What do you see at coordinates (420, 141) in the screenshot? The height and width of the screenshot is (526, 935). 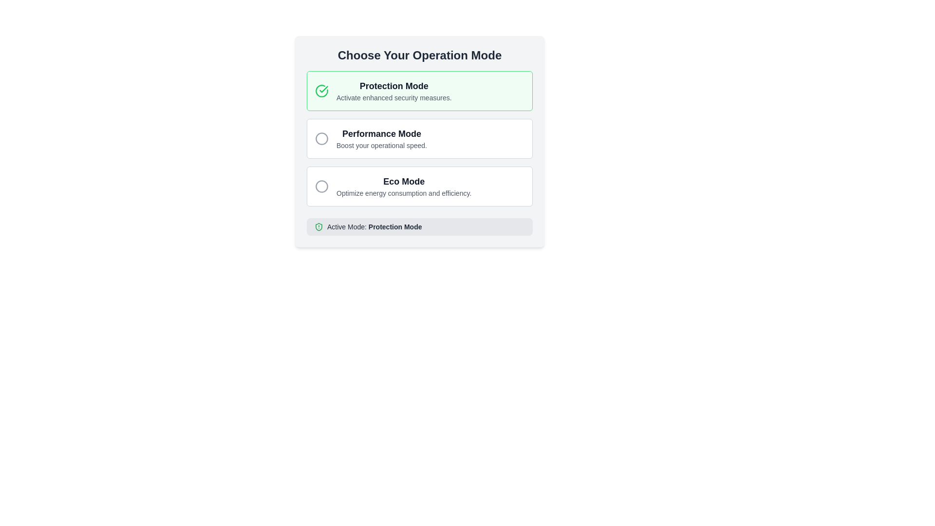 I see `the selectable option in the section titled 'Choose Your Operation Mode'` at bounding box center [420, 141].